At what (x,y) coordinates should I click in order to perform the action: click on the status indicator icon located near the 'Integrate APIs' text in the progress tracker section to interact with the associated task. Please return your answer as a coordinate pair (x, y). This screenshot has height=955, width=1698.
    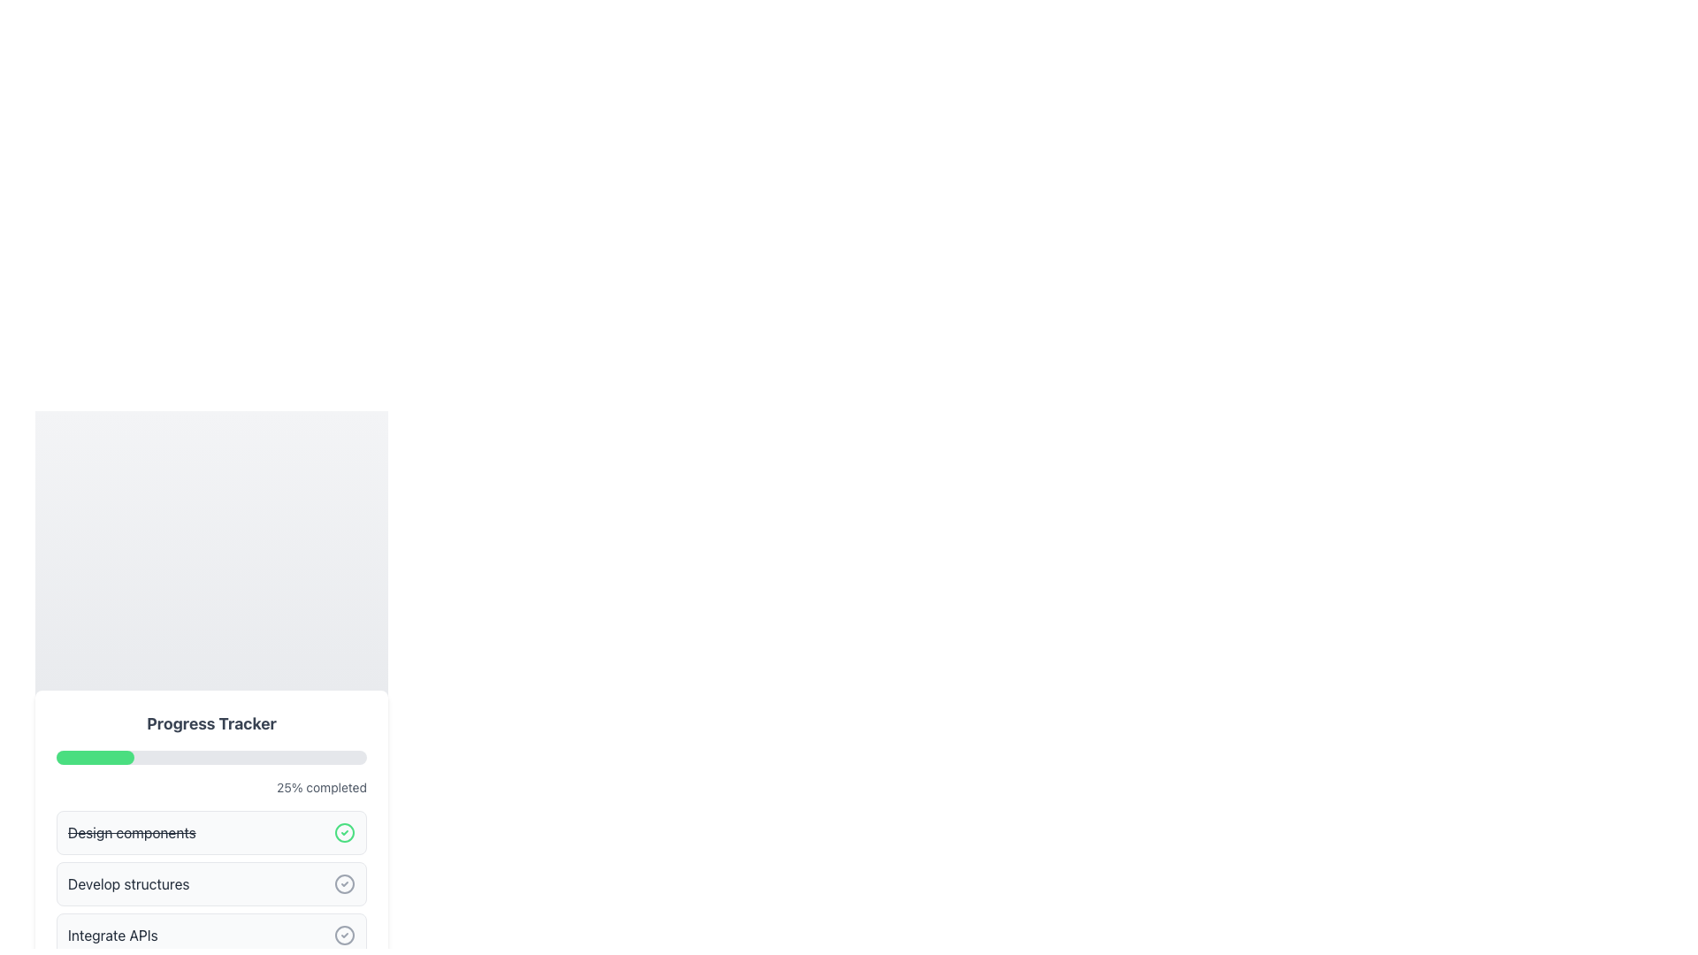
    Looking at the image, I should click on (344, 934).